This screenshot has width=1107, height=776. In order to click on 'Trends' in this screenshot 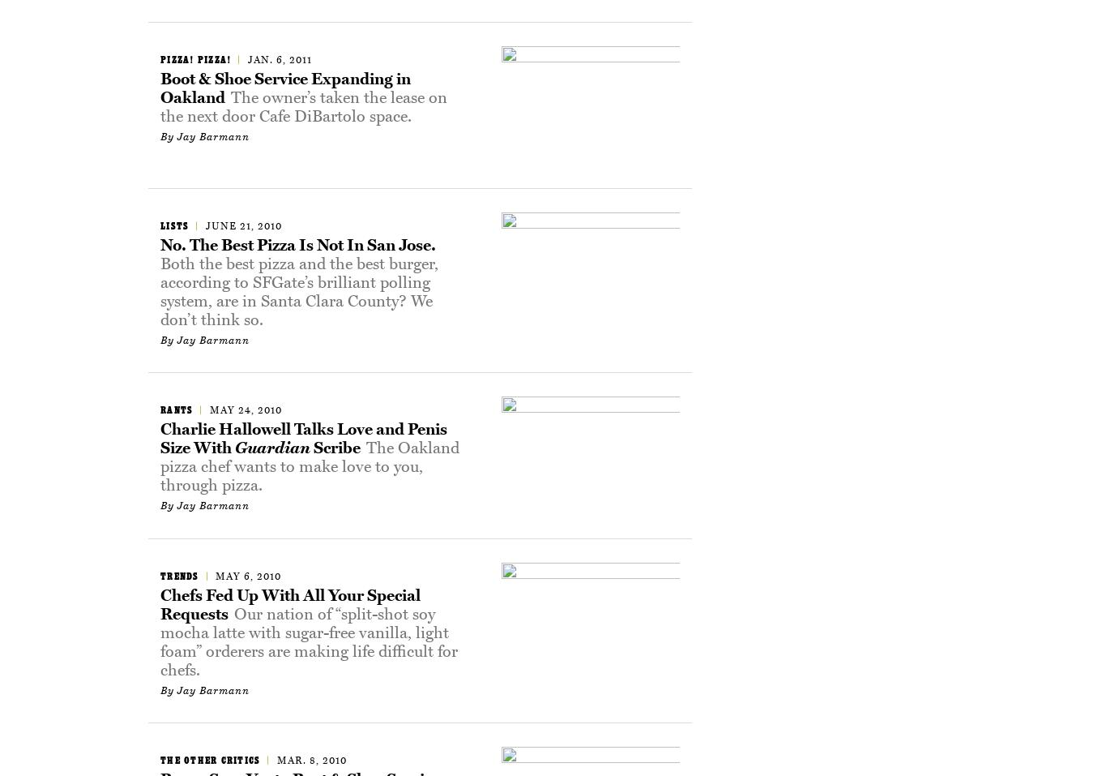, I will do `click(178, 575)`.